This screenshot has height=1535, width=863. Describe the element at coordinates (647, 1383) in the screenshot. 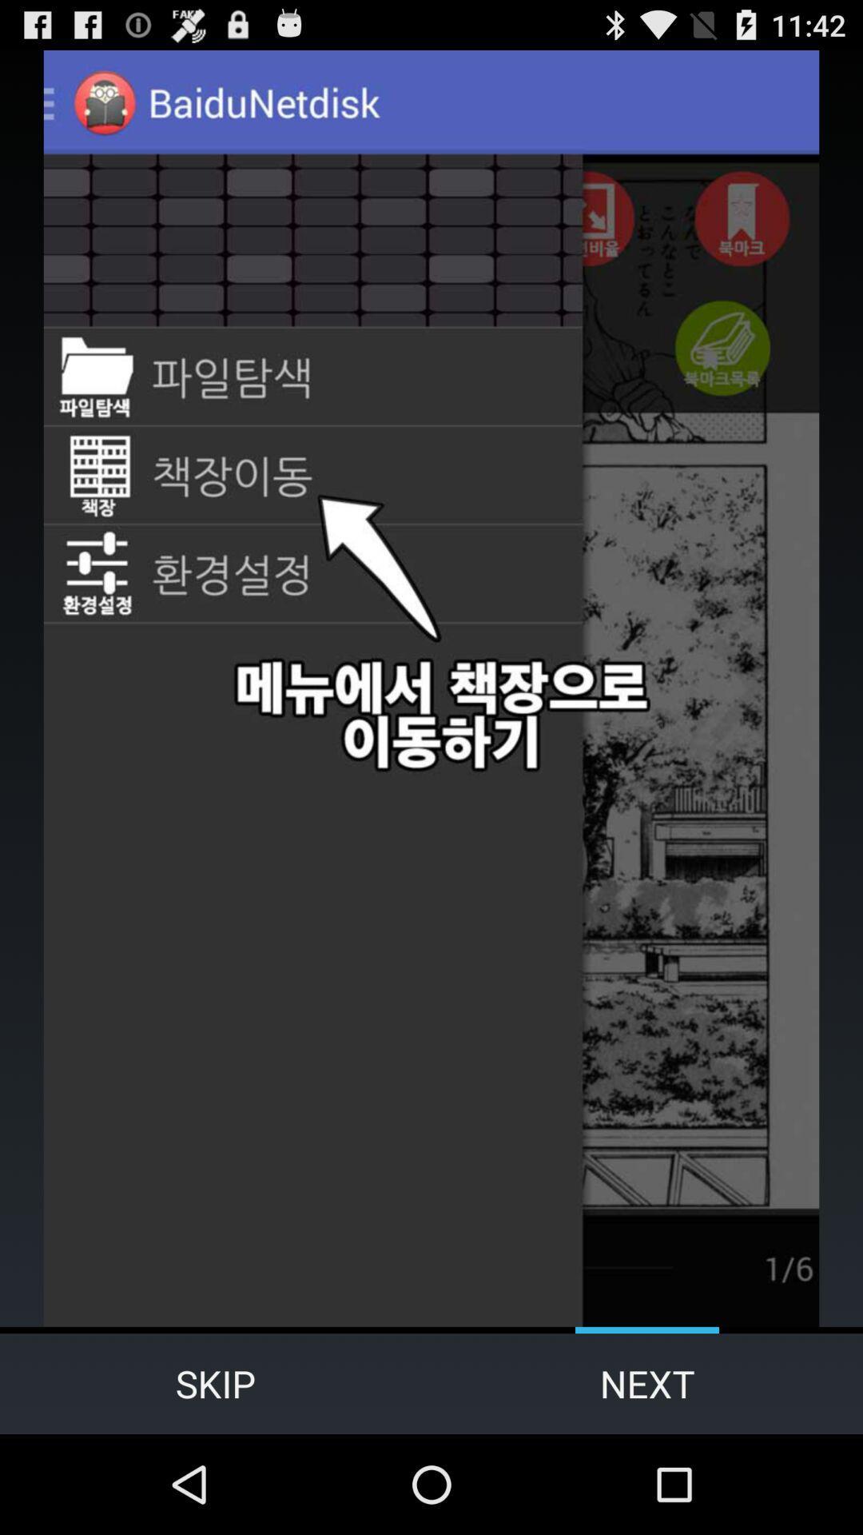

I see `the item to the right of the skip icon` at that location.